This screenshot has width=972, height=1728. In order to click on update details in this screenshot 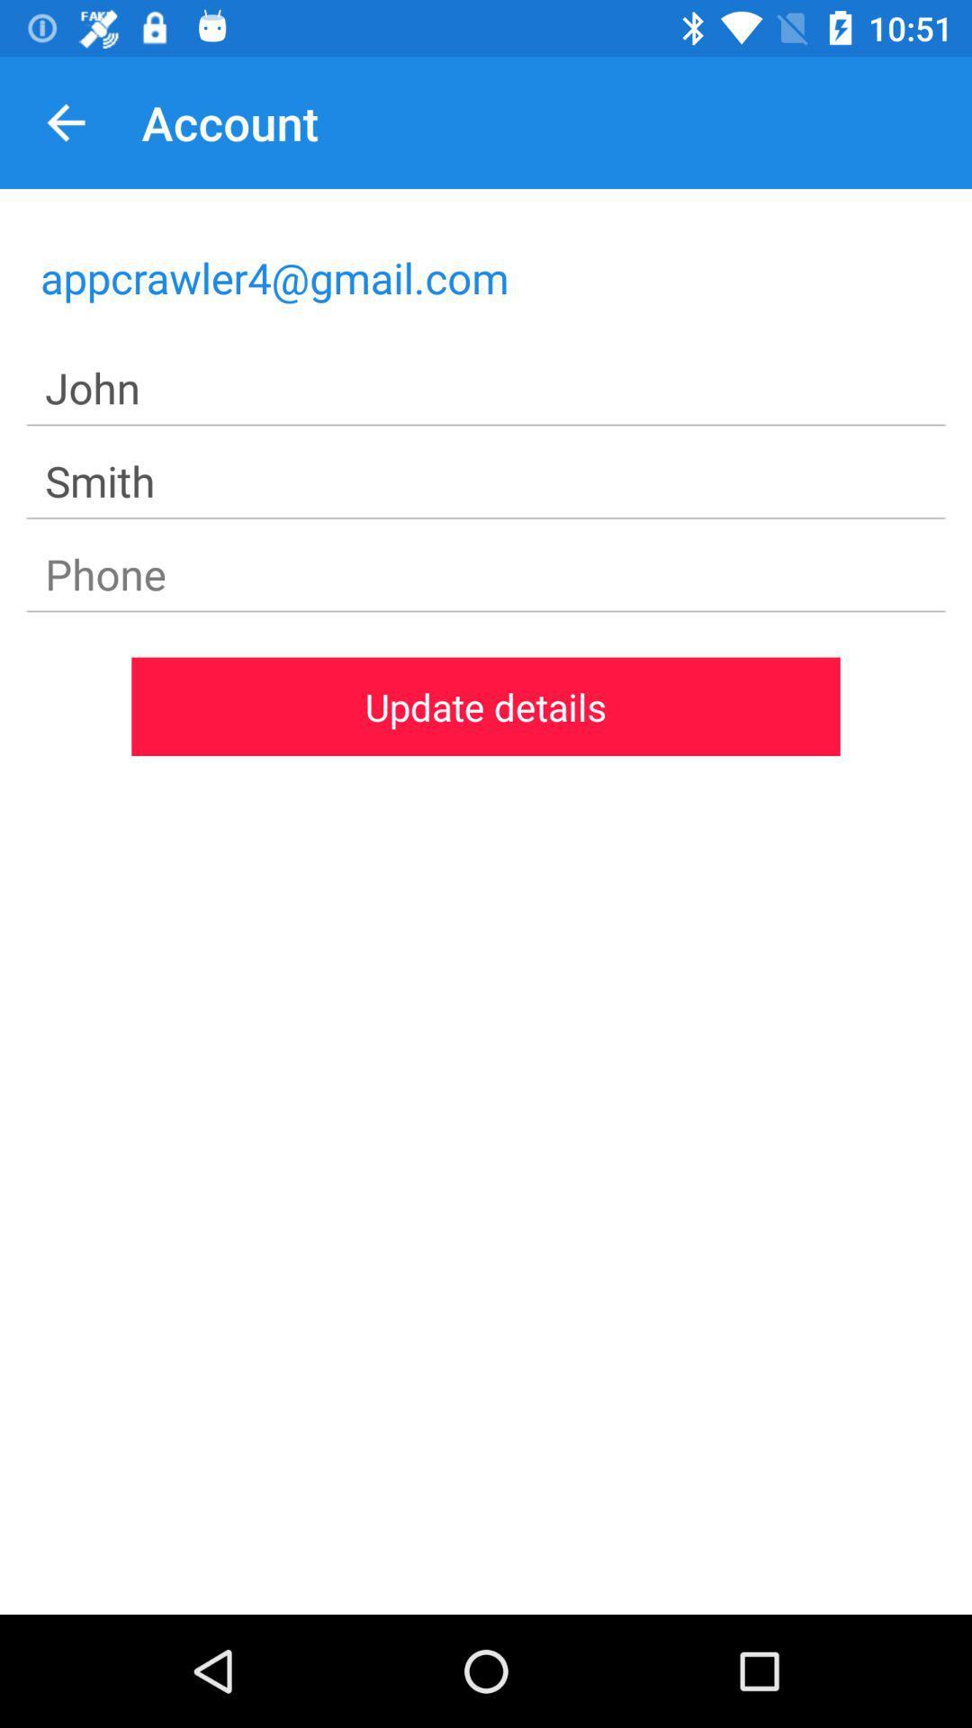, I will do `click(486, 706)`.